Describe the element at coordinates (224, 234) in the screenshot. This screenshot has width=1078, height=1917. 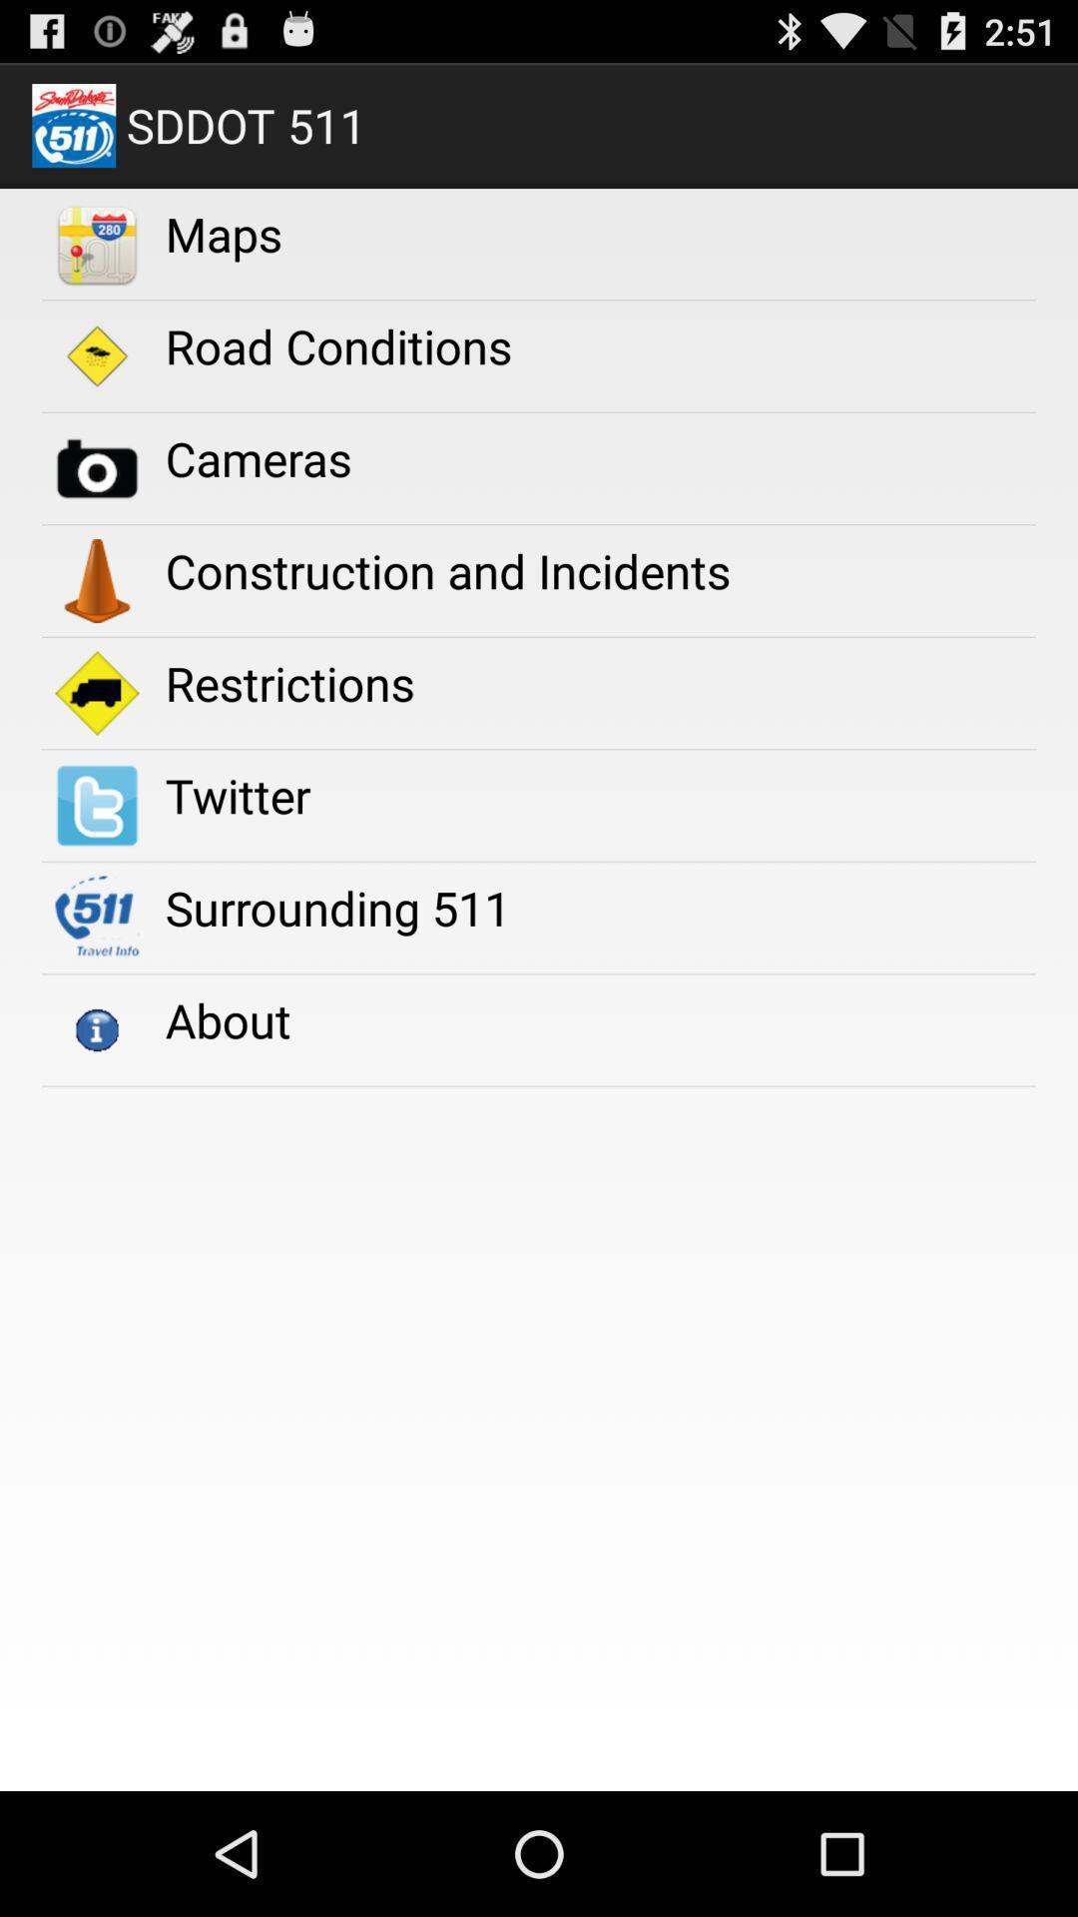
I see `maps item` at that location.